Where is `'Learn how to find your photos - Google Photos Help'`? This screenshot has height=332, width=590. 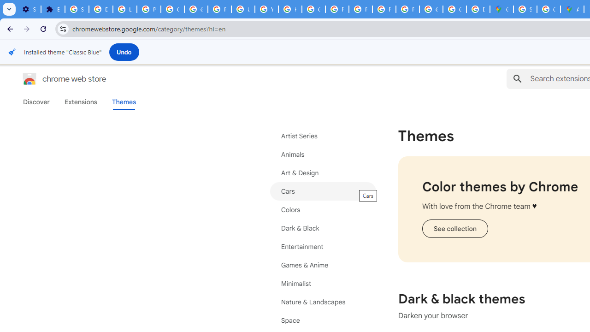
'Learn how to find your photos - Google Photos Help' is located at coordinates (124, 9).